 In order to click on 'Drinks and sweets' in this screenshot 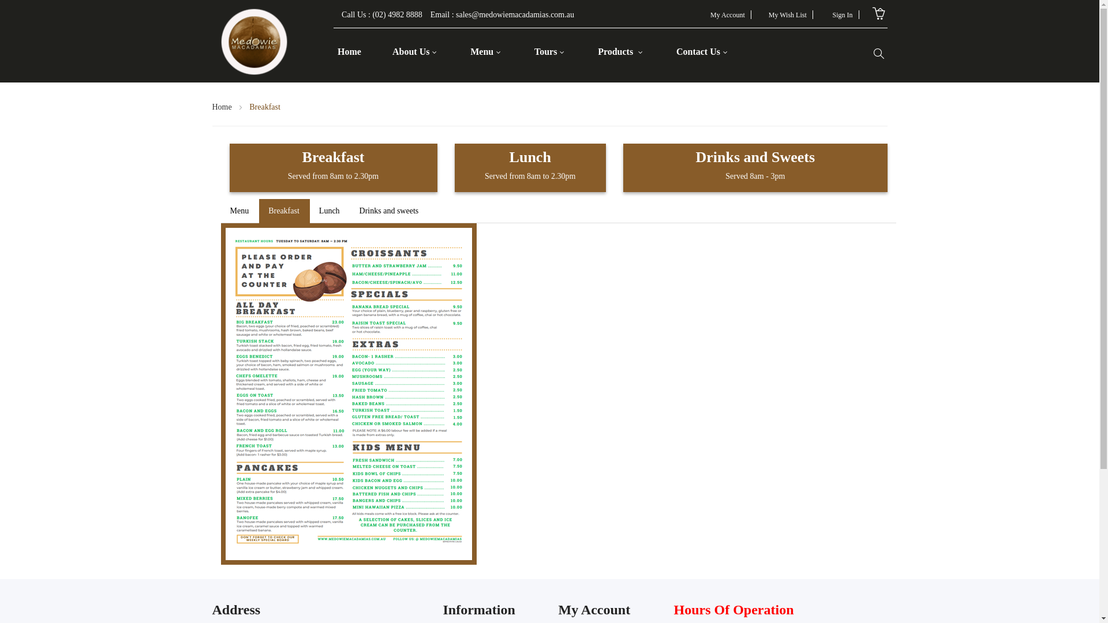, I will do `click(349, 211)`.